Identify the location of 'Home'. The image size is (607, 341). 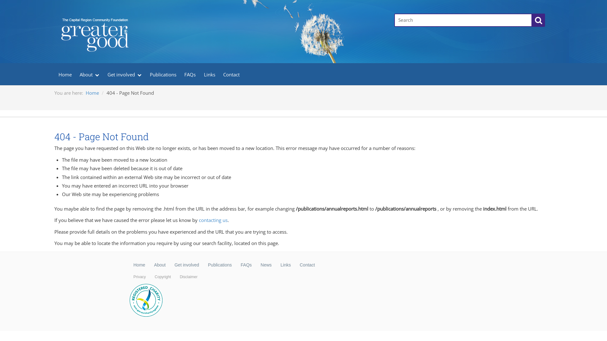
(85, 93).